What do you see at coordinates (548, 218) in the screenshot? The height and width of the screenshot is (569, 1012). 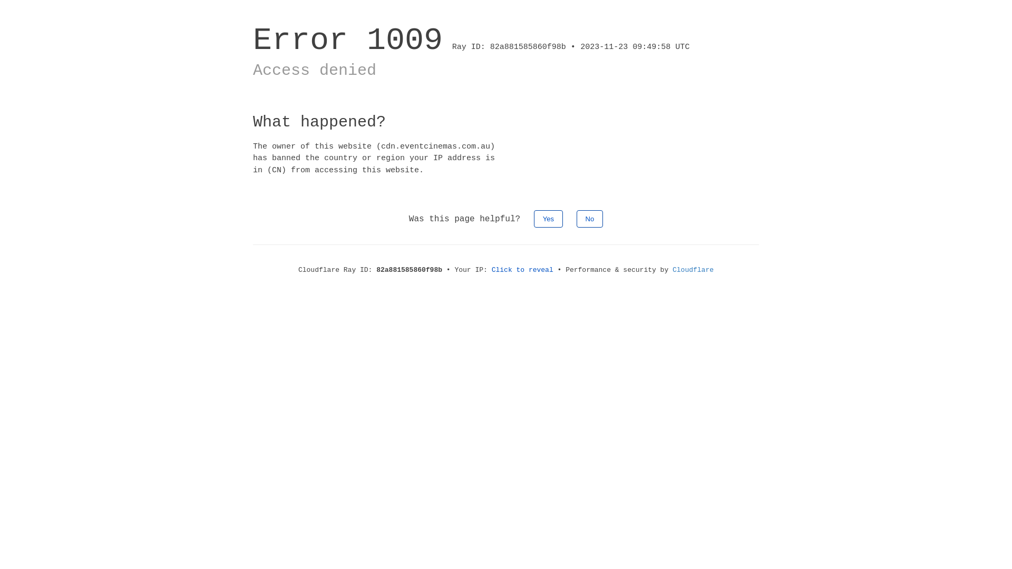 I see `'Yes'` at bounding box center [548, 218].